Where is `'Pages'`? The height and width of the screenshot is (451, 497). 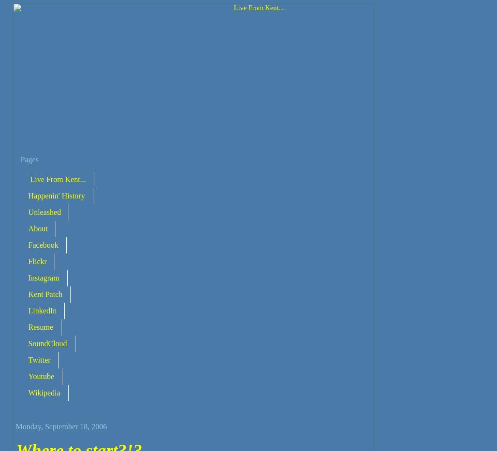 'Pages' is located at coordinates (29, 159).